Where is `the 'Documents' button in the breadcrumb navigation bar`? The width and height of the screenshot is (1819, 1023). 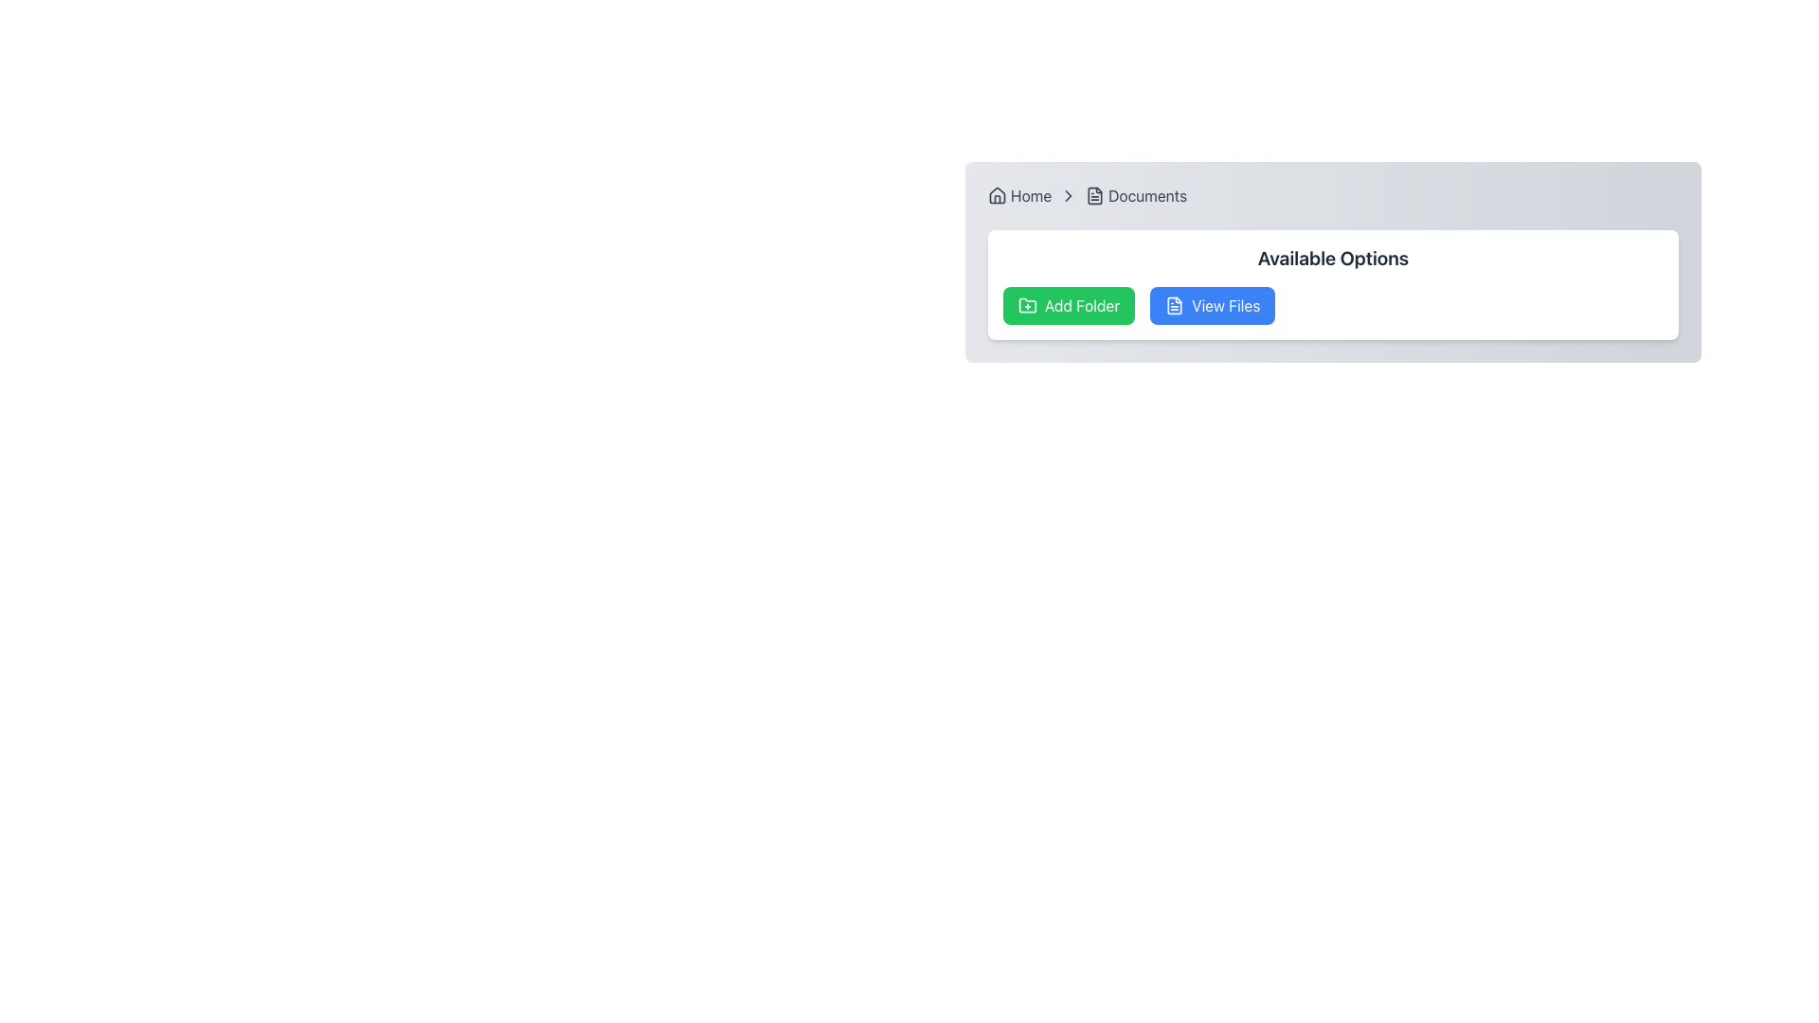
the 'Documents' button in the breadcrumb navigation bar is located at coordinates (1136, 196).